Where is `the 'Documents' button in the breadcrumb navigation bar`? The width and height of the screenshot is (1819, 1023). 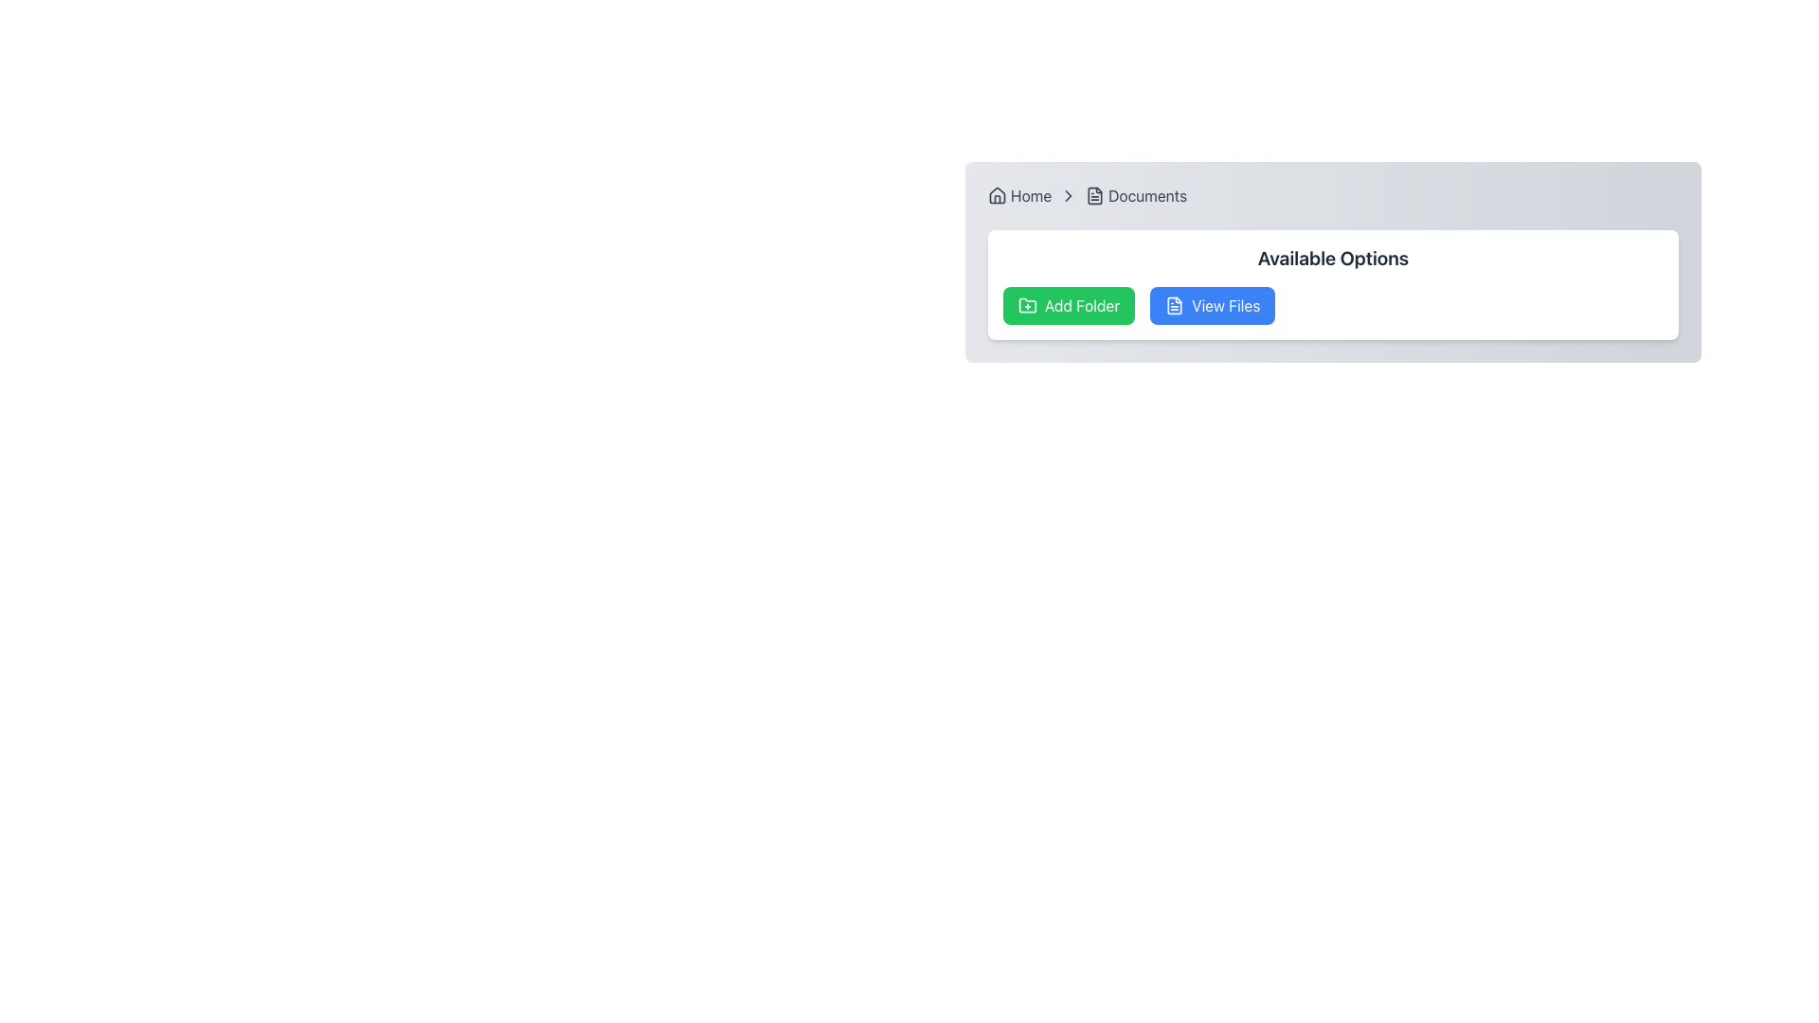
the 'Documents' button in the breadcrumb navigation bar is located at coordinates (1136, 196).